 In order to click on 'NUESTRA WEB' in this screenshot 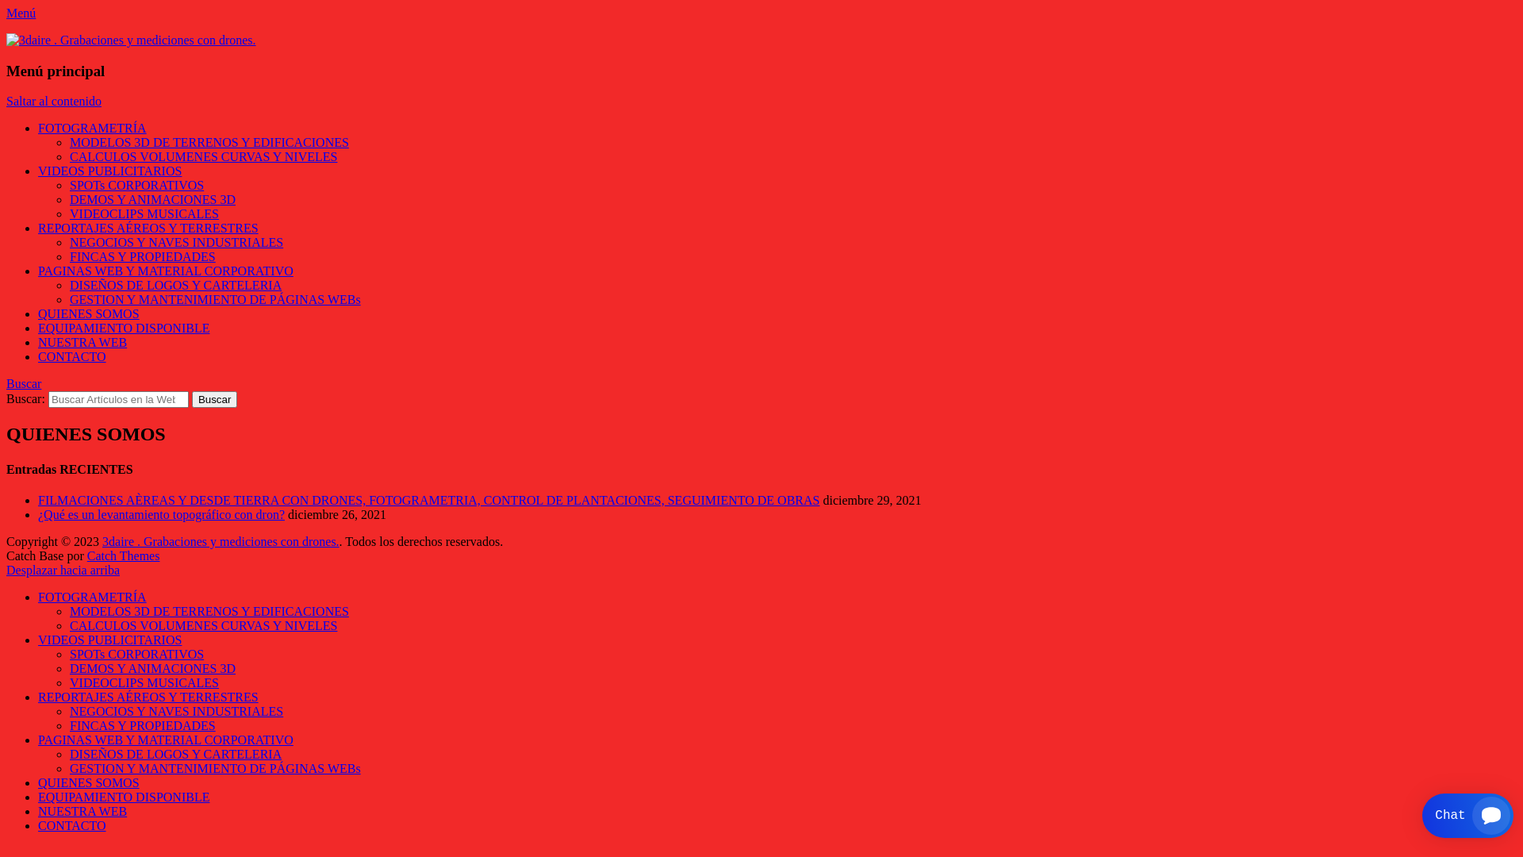, I will do `click(82, 341)`.